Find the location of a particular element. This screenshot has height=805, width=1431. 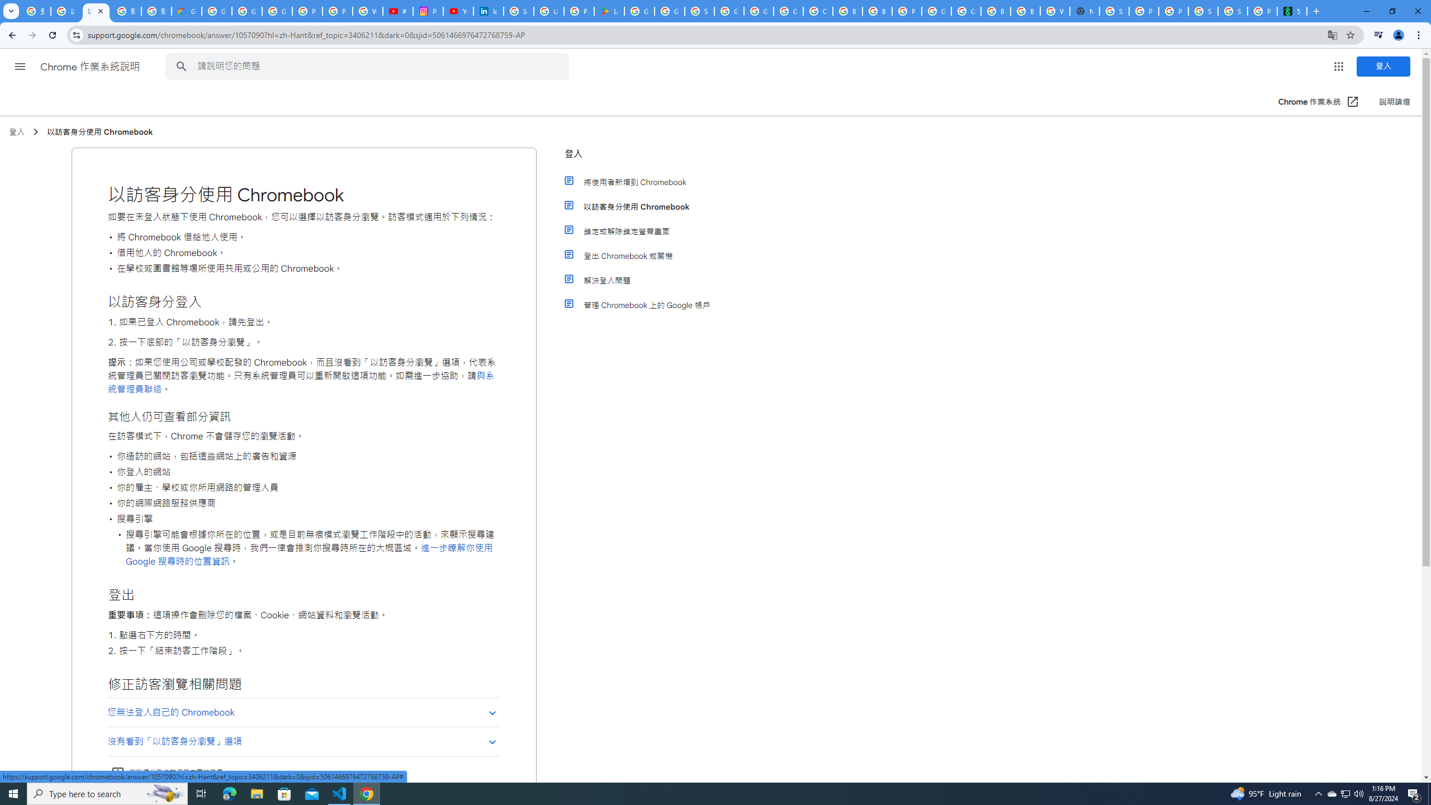

'View site information' is located at coordinates (75, 34).